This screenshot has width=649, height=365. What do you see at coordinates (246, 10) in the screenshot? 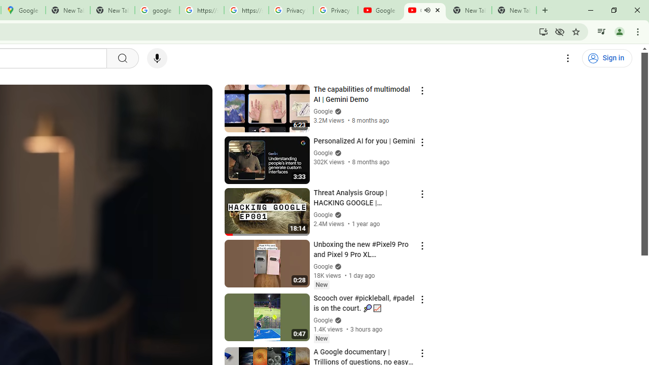
I see `'https://scholar.google.com/'` at bounding box center [246, 10].